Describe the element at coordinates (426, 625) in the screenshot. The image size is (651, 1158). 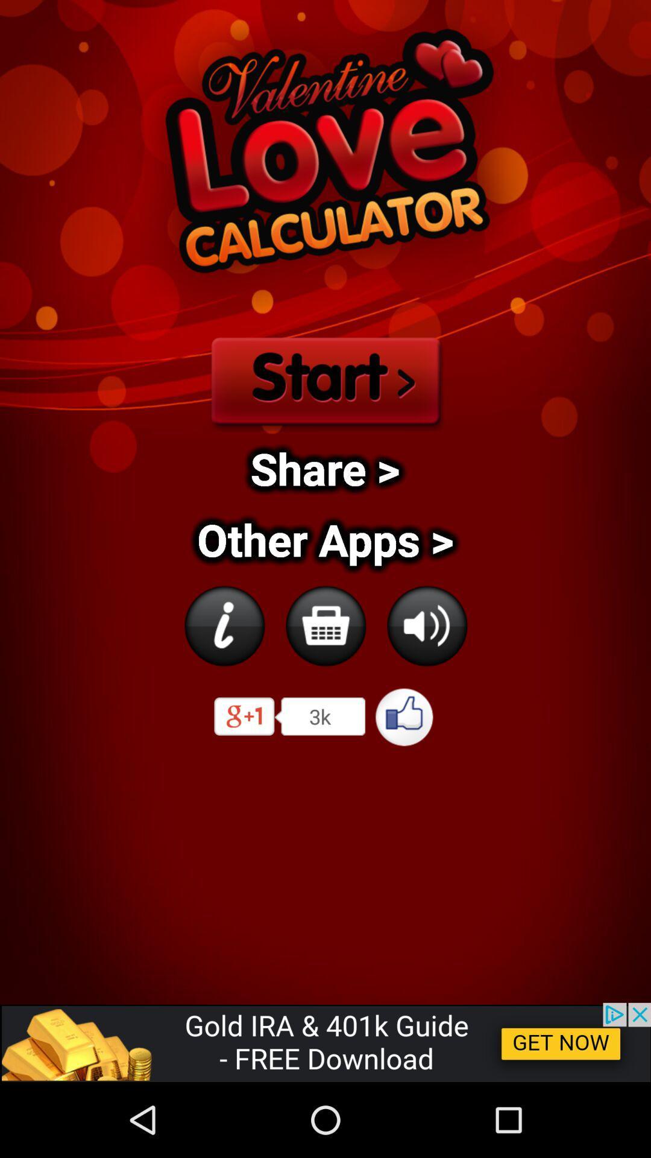
I see `sound` at that location.